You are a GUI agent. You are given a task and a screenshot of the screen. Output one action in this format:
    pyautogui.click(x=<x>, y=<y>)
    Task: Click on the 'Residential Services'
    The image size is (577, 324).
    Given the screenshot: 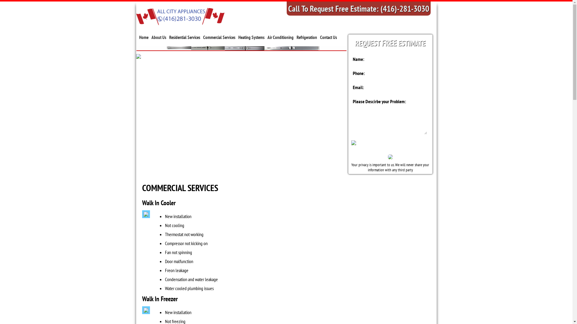 What is the action you would take?
    pyautogui.click(x=184, y=37)
    